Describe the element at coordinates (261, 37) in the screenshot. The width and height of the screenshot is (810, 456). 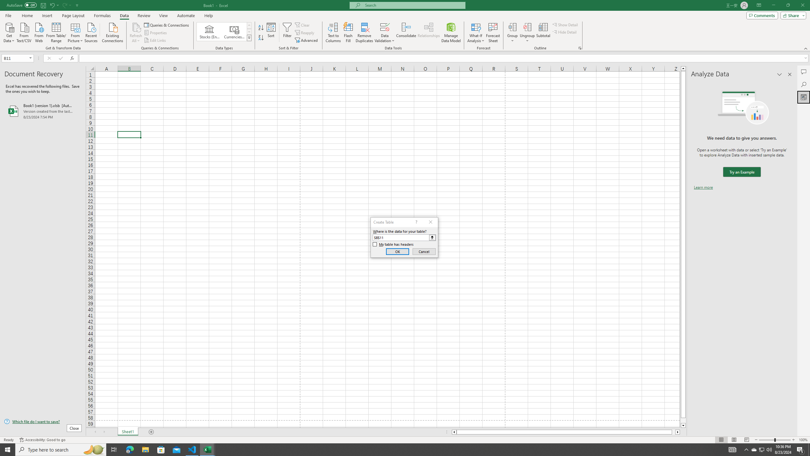
I see `'Sort Z to A'` at that location.